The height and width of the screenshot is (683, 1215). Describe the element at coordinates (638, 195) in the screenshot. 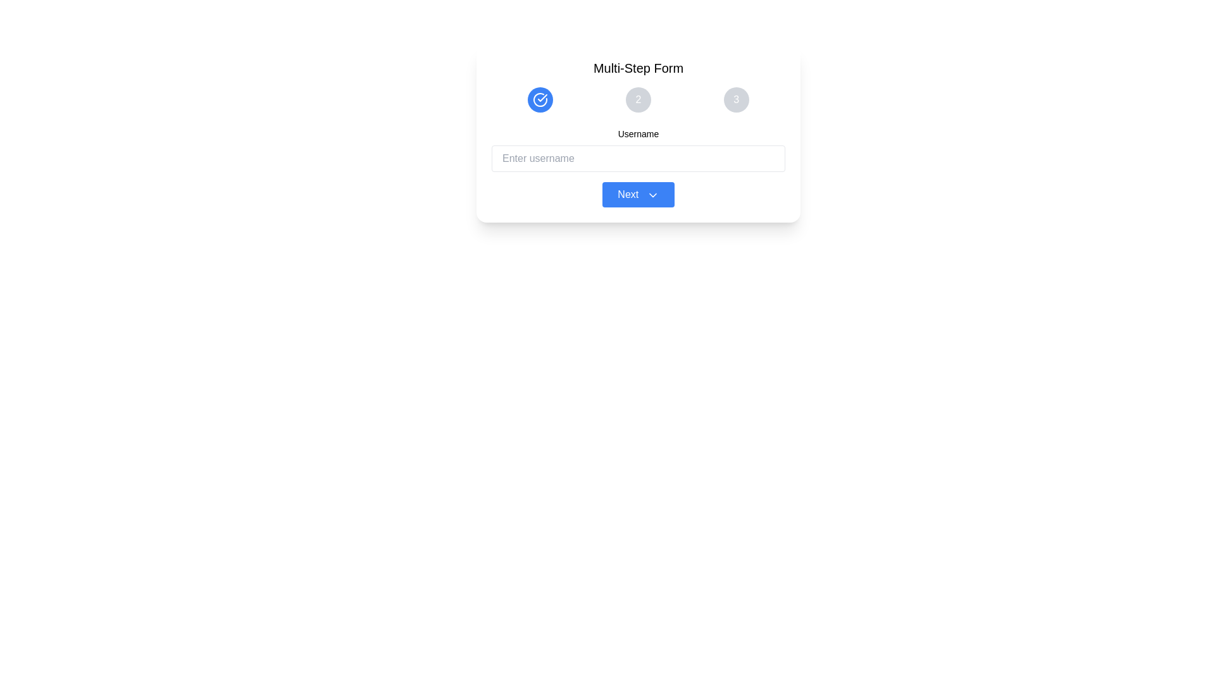

I see `the blue rectangular button labeled 'Next' with a downward chevron icon to proceed to the next step` at that location.